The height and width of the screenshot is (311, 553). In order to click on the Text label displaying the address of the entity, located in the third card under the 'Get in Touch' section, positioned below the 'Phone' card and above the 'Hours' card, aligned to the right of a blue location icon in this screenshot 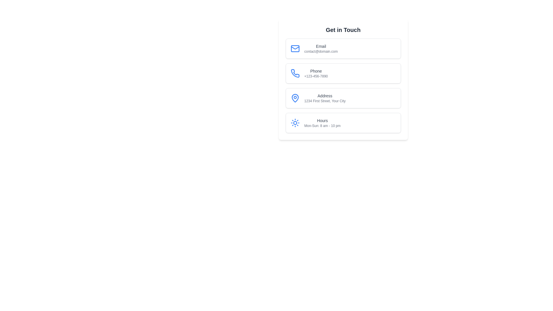, I will do `click(325, 98)`.